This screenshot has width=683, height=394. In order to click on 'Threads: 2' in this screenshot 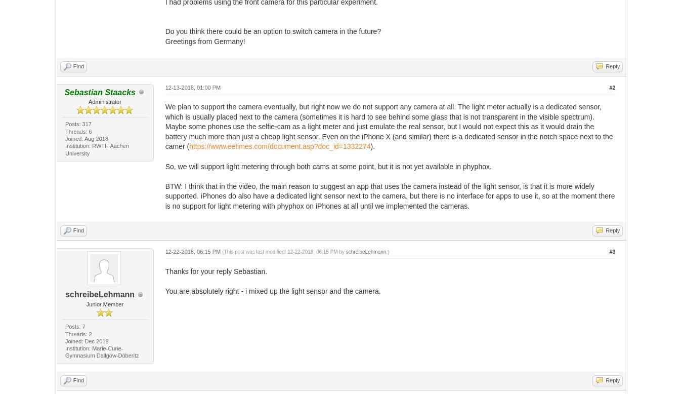, I will do `click(78, 333)`.